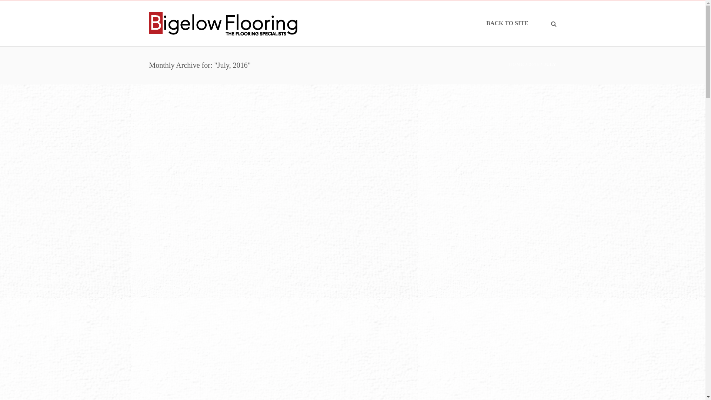  I want to click on 'Bigelow Flooring - Guelph, Ontario', so click(222, 23).